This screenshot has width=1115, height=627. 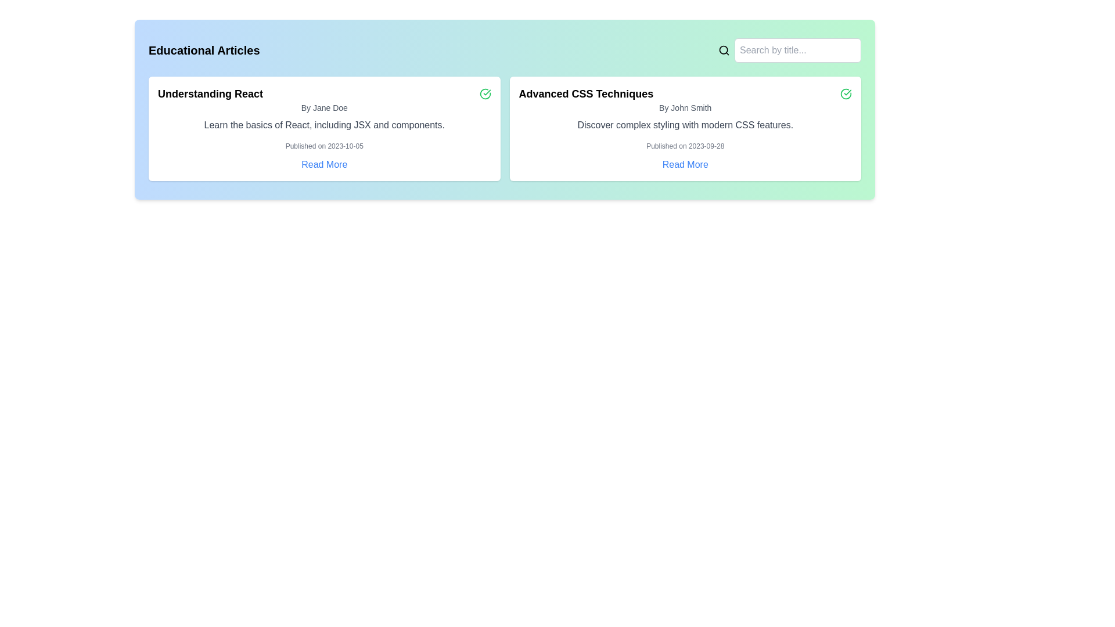 What do you see at coordinates (685, 145) in the screenshot?
I see `the static text display that indicates the publication date of the article 'Advanced CSS Techniques', which is located just above the 'Read More' link` at bounding box center [685, 145].